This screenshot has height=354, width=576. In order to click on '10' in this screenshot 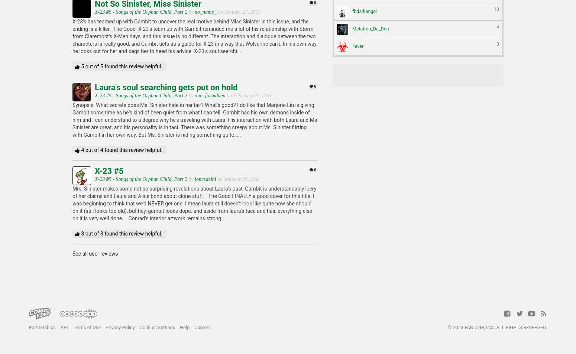, I will do `click(496, 8)`.